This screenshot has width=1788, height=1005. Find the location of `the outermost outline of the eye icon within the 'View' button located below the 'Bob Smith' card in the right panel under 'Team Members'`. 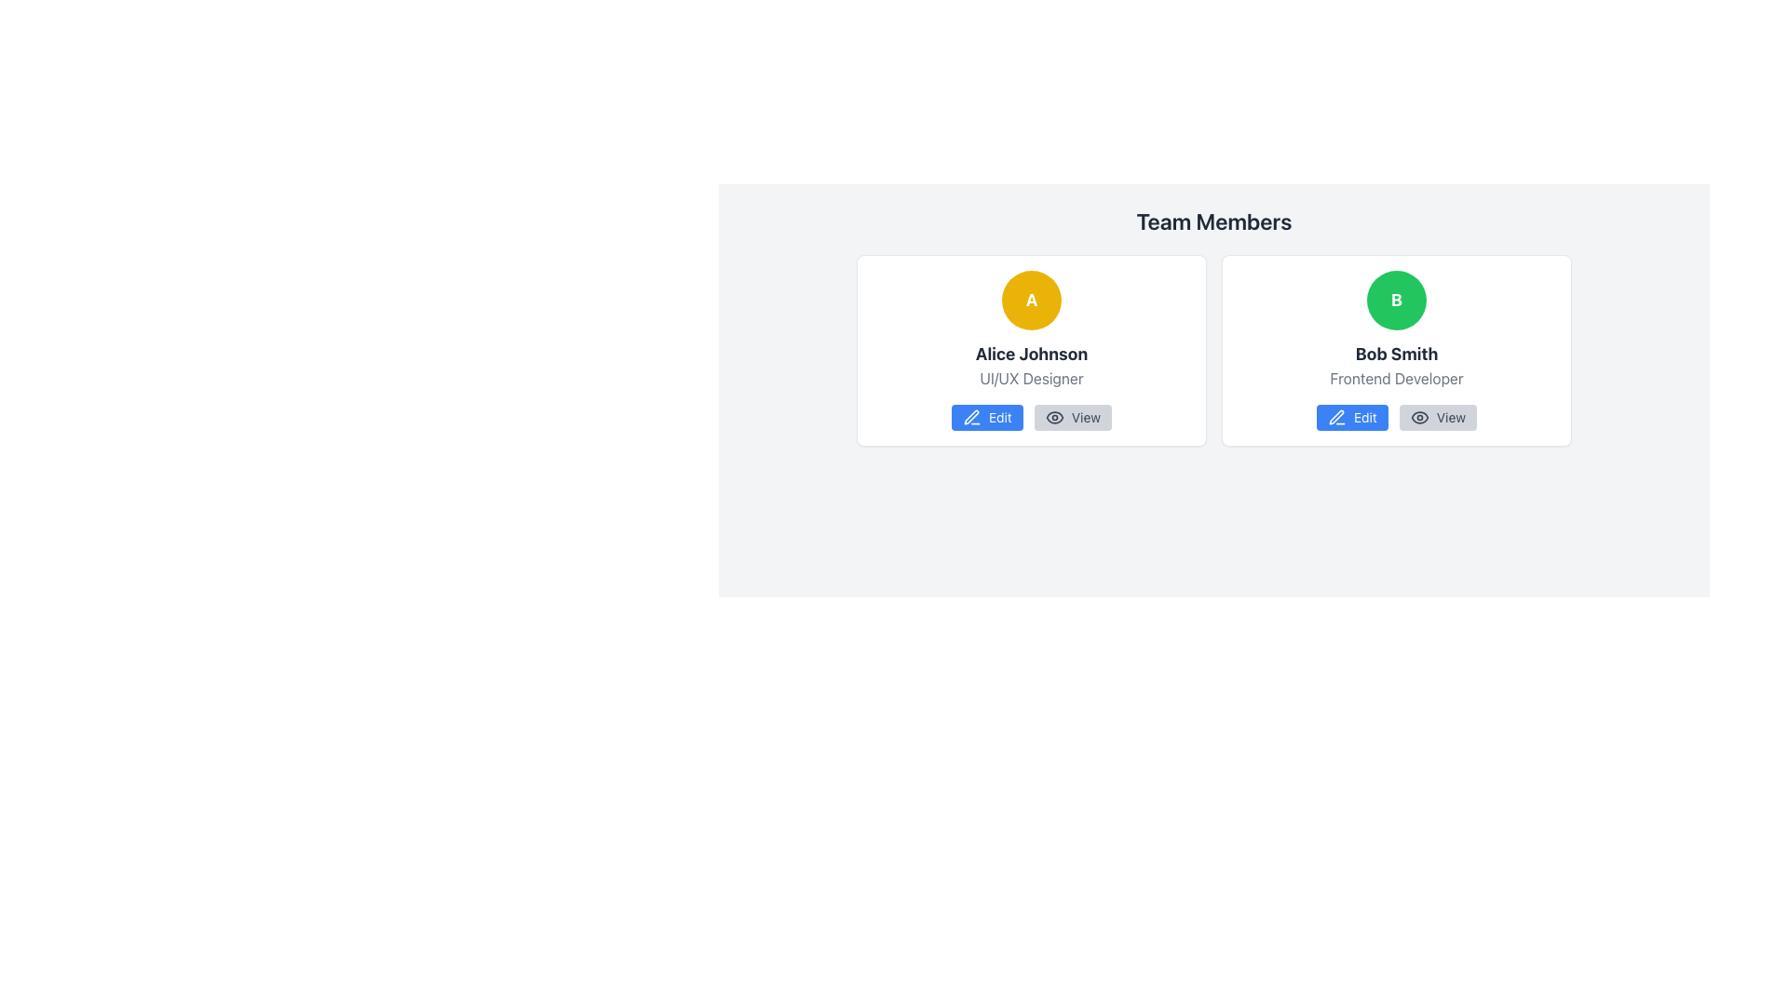

the outermost outline of the eye icon within the 'View' button located below the 'Bob Smith' card in the right panel under 'Team Members' is located at coordinates (1418, 416).